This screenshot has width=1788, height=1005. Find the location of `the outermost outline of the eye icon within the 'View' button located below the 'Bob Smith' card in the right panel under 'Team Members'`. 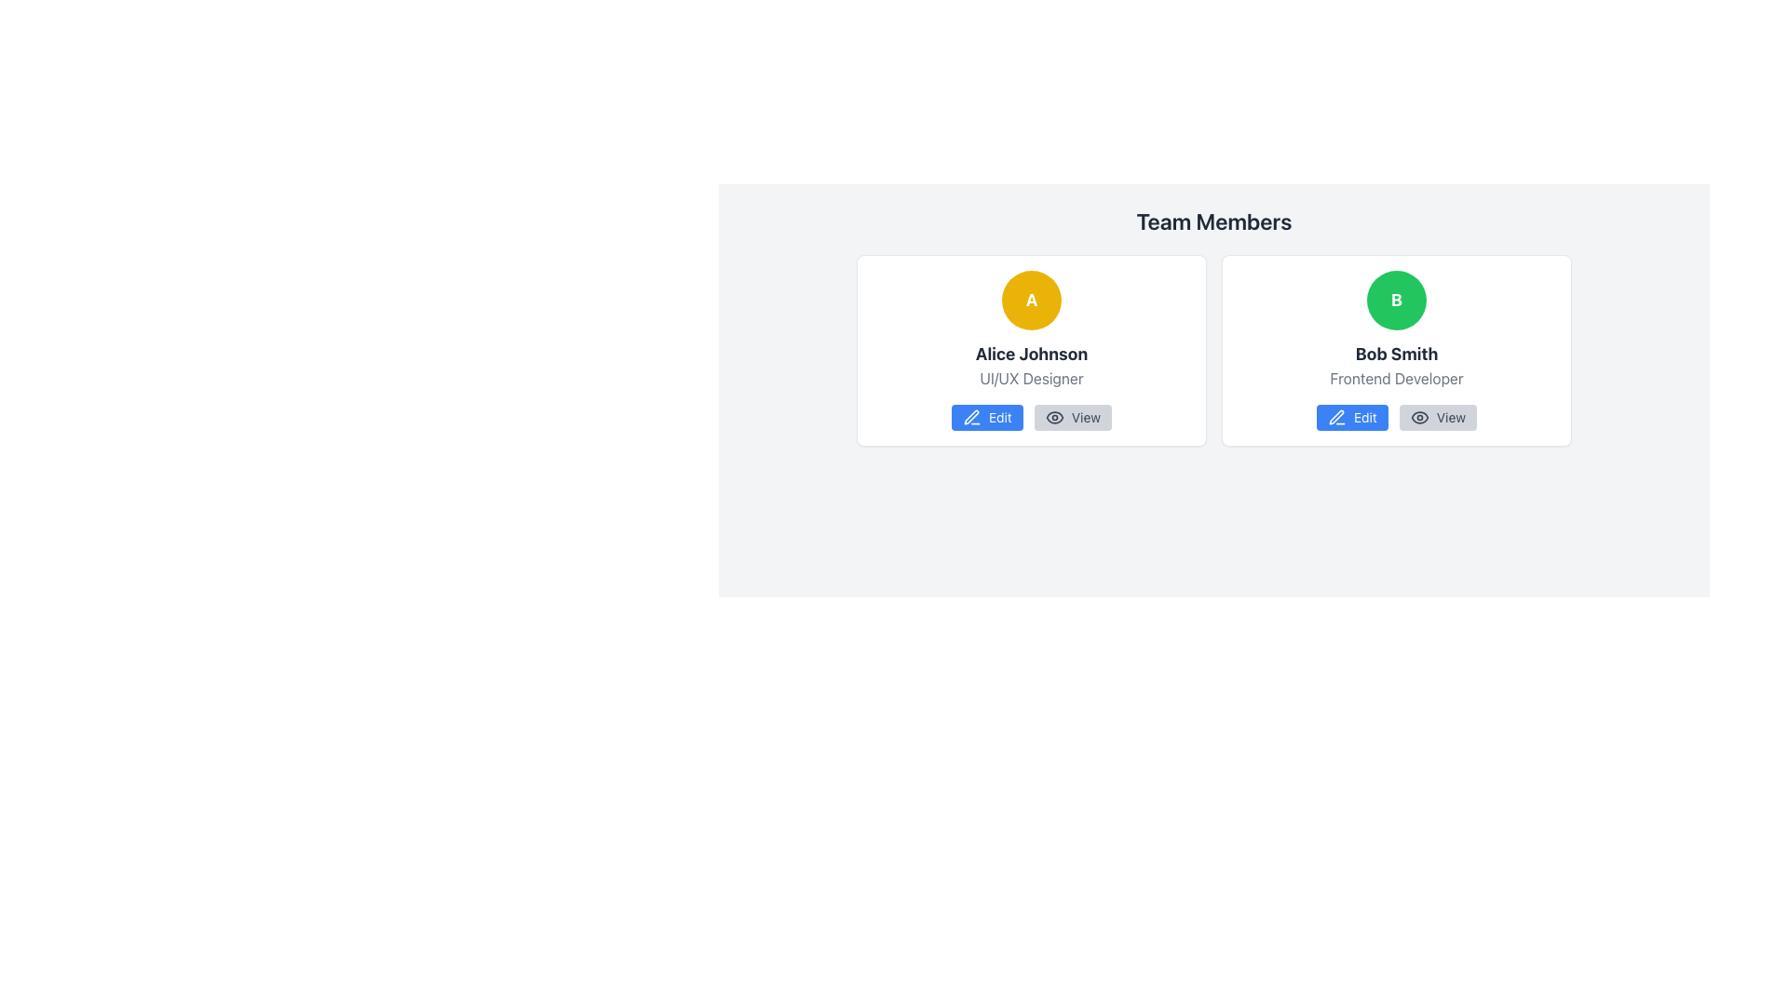

the outermost outline of the eye icon within the 'View' button located below the 'Bob Smith' card in the right panel under 'Team Members' is located at coordinates (1418, 416).